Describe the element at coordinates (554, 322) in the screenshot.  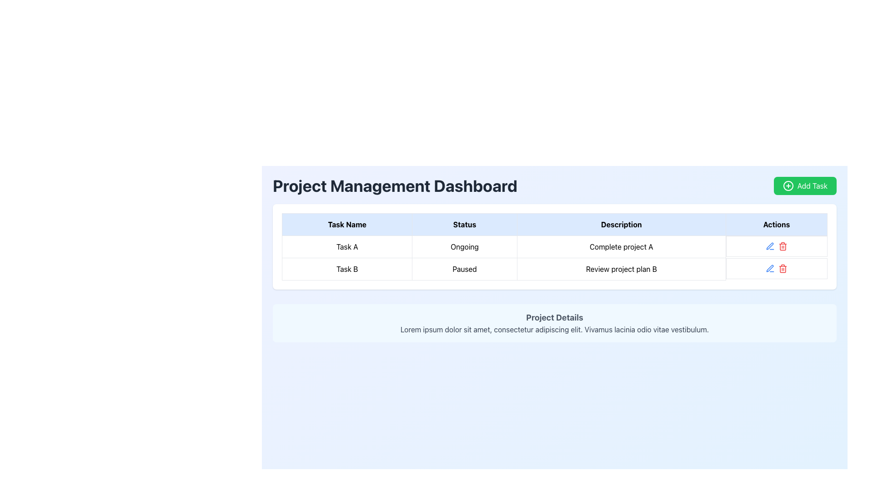
I see `the informational section with a light blue background and rounded corners that displays 'Project Details' at the top` at that location.